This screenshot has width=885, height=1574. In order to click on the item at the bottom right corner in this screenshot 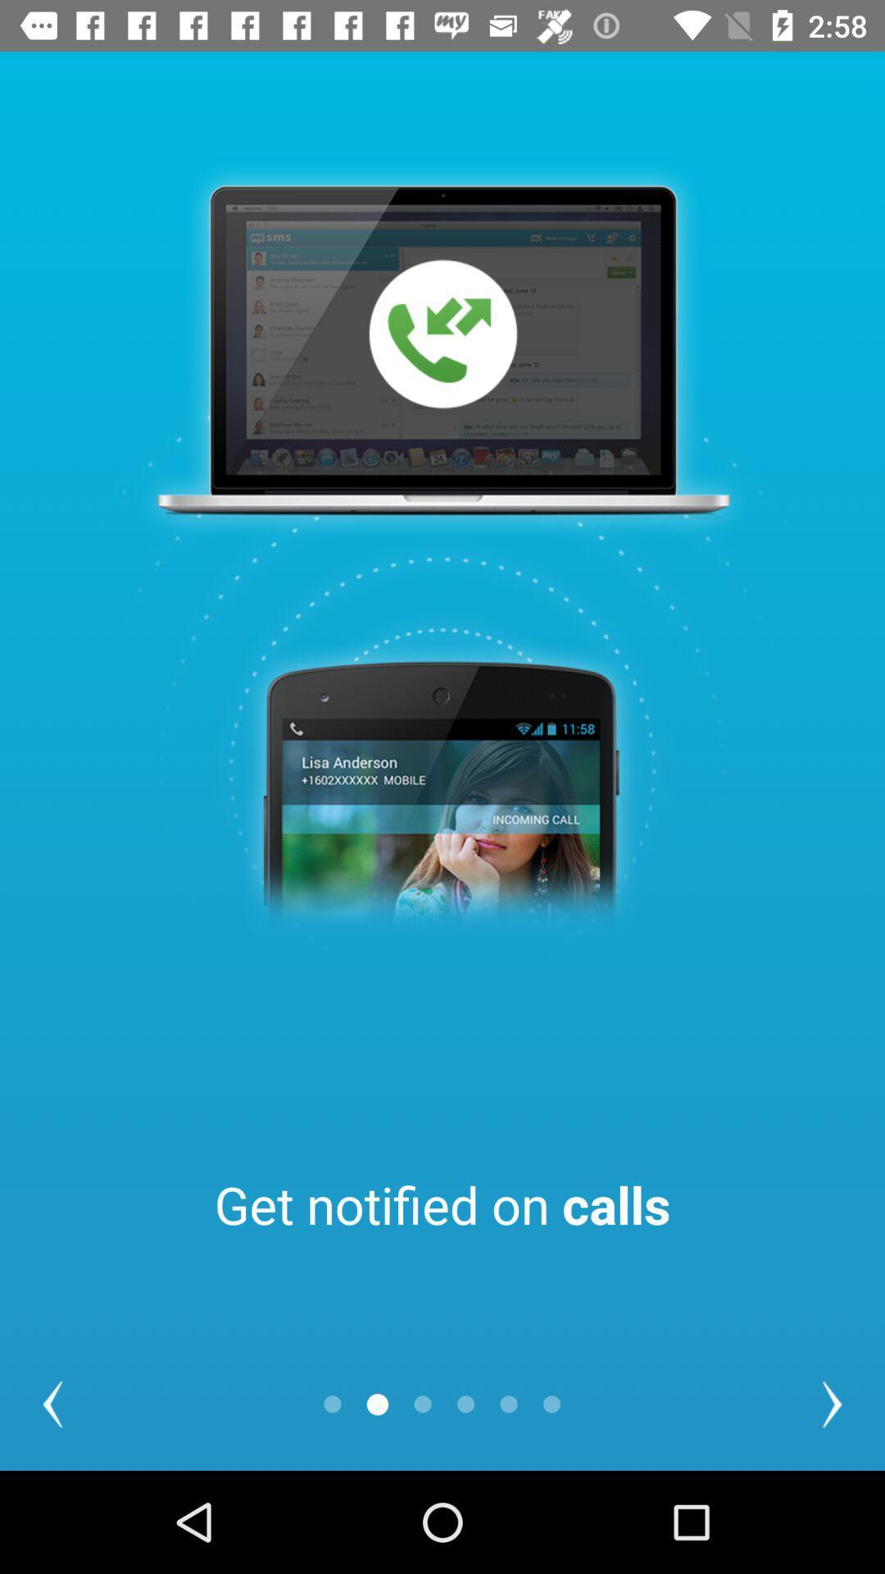, I will do `click(832, 1403)`.